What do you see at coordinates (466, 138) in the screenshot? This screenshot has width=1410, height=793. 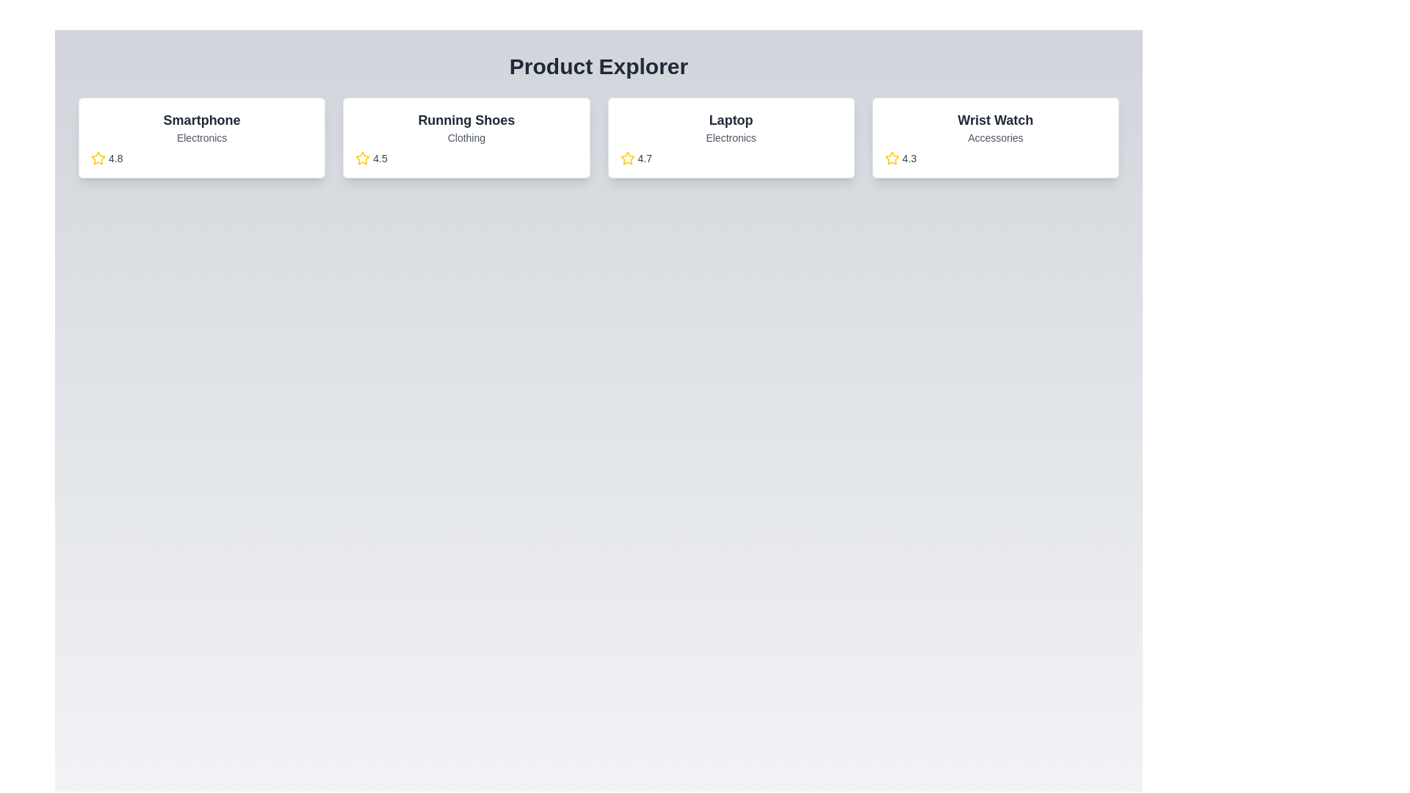 I see `the second card from the left in the four-card grid layout, which is the 'Running Shoes' card` at bounding box center [466, 138].